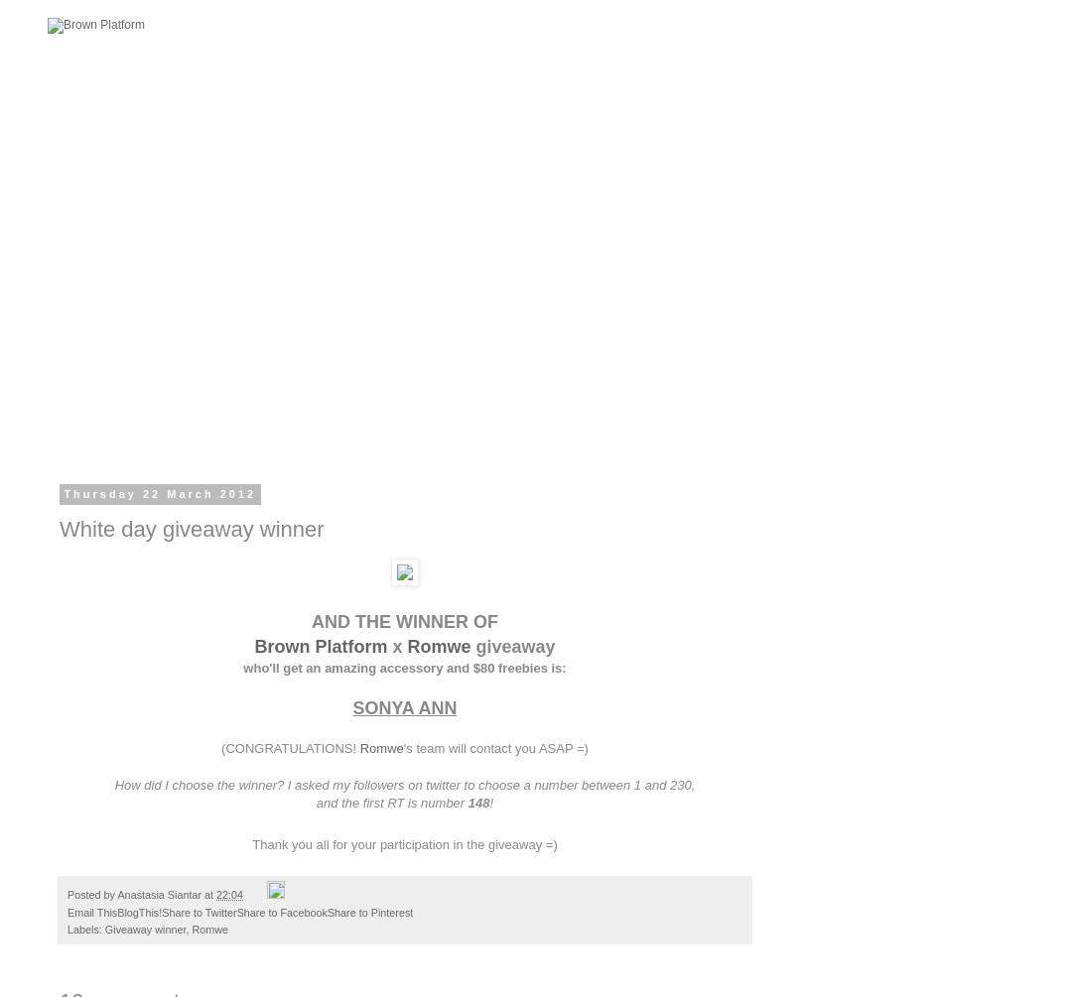  Describe the element at coordinates (210, 893) in the screenshot. I see `'at'` at that location.